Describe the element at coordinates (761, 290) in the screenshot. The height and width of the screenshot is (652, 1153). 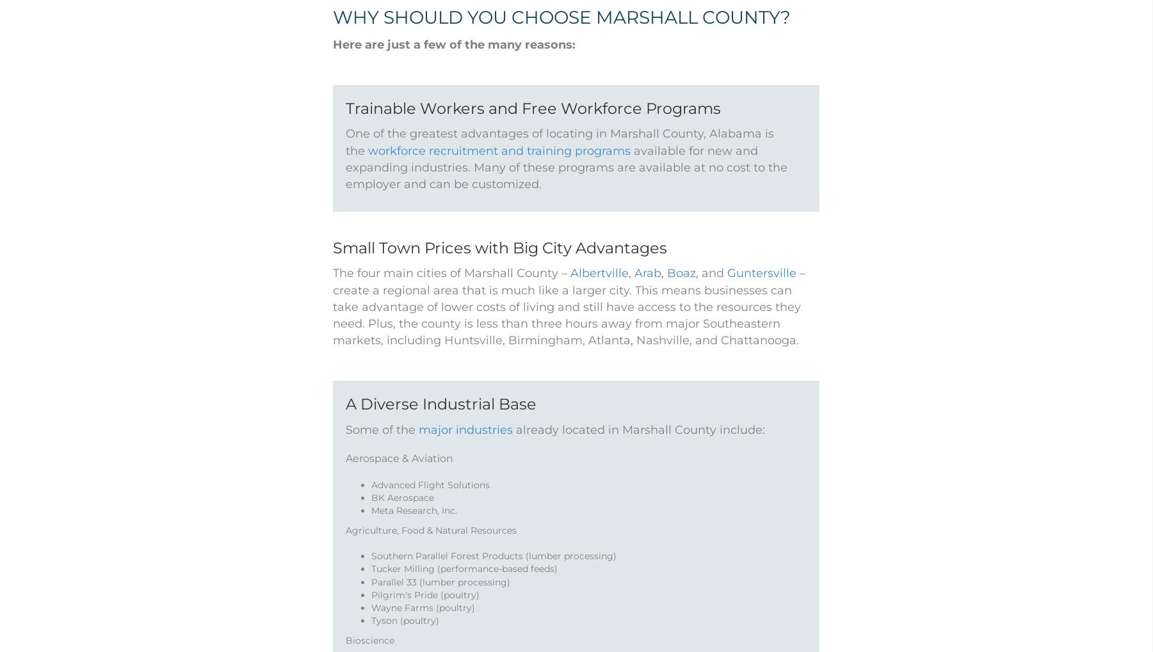
I see `'Guntersville'` at that location.